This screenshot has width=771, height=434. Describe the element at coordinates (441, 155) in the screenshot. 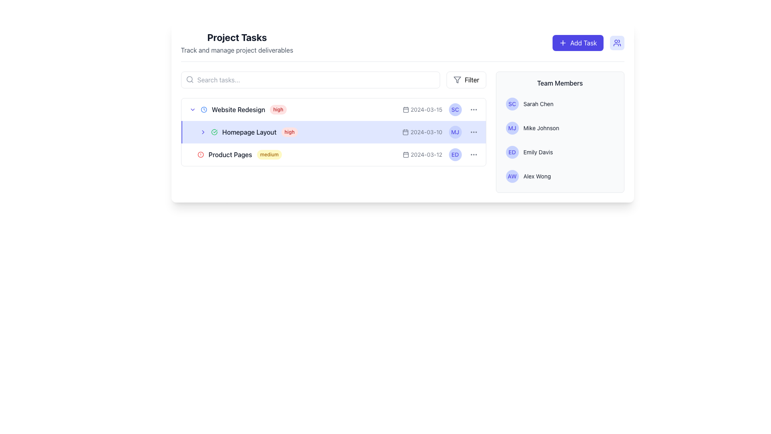

I see `the initials 'ED' represented in a blue circle within the third row of the task list` at that location.